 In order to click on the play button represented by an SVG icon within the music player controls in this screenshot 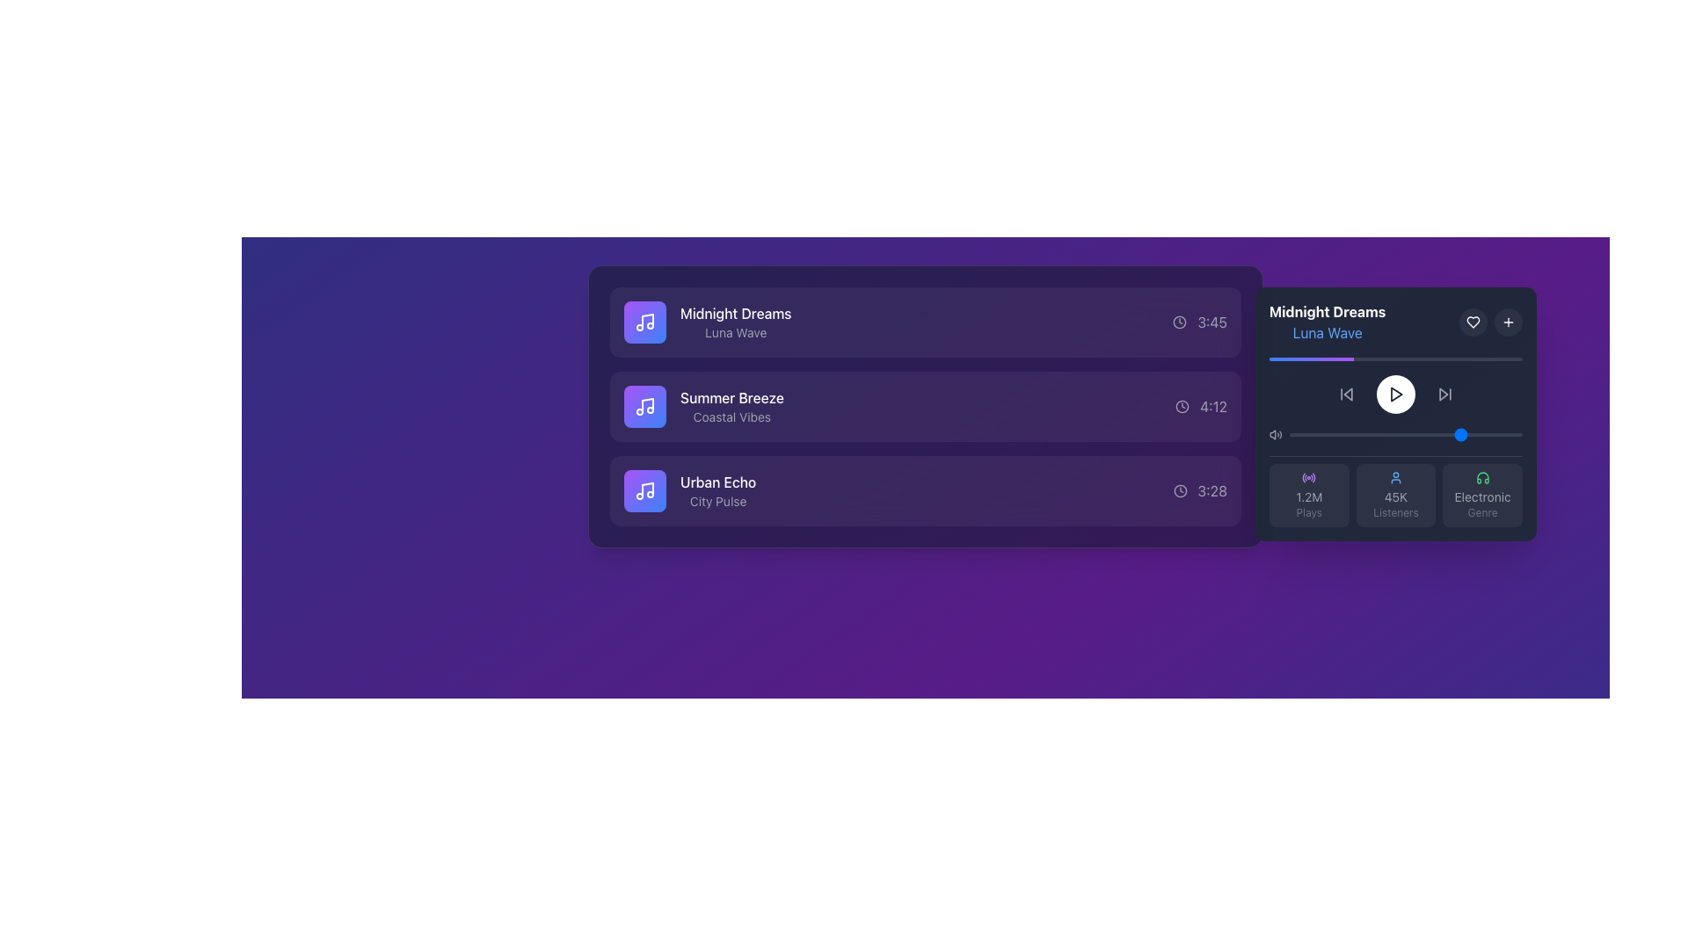, I will do `click(1395, 393)`.